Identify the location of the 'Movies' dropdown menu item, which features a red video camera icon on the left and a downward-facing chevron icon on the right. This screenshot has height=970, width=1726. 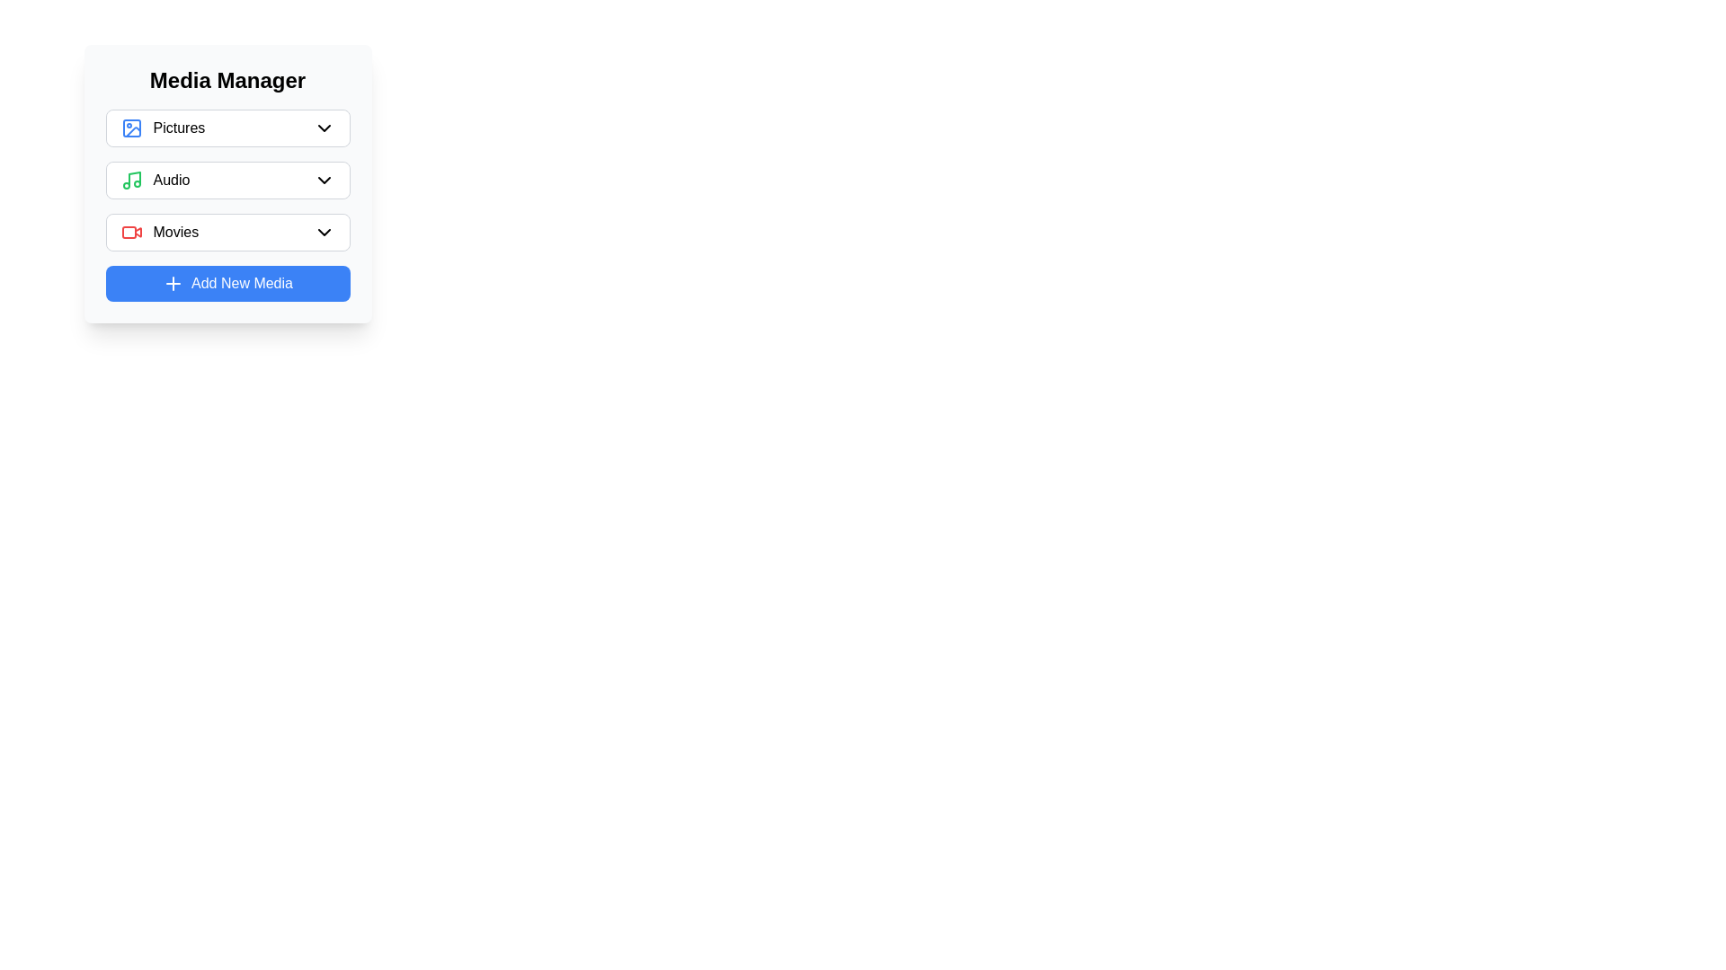
(227, 231).